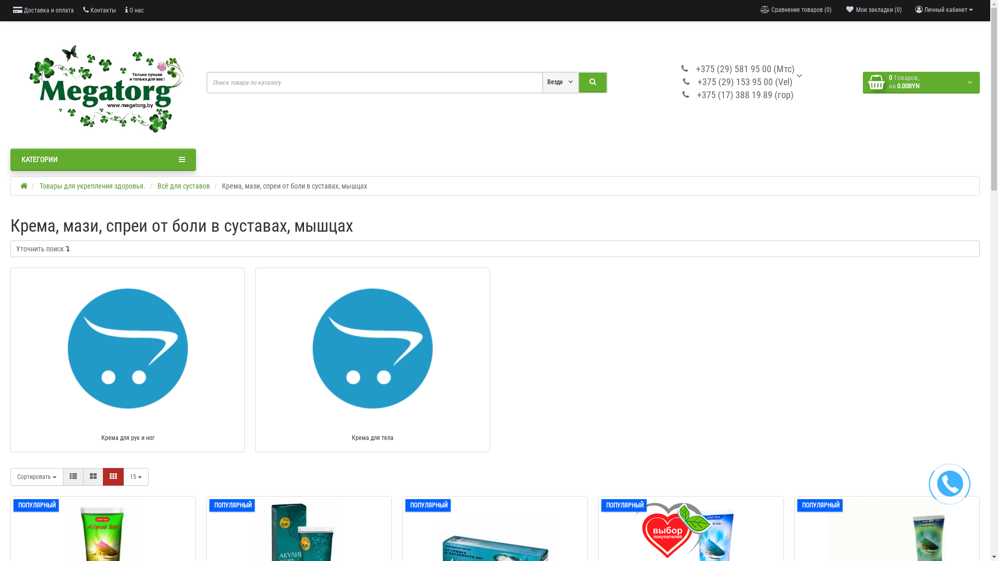 This screenshot has width=998, height=561. I want to click on '15', so click(123, 477).